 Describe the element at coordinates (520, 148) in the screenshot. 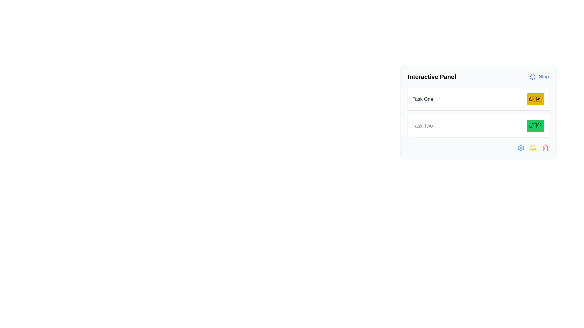

I see `the settings button, represented by a blue cogwheel icon, located at the bottom-right corner of the Interactive Panel` at that location.